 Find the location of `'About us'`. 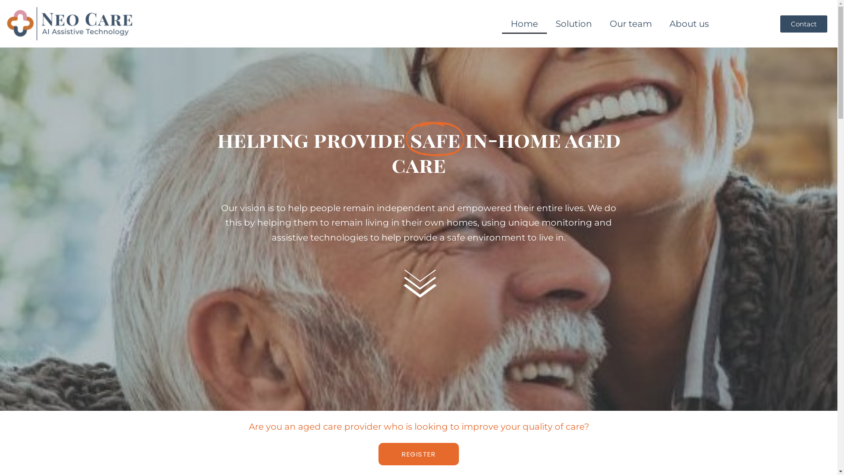

'About us' is located at coordinates (660, 23).